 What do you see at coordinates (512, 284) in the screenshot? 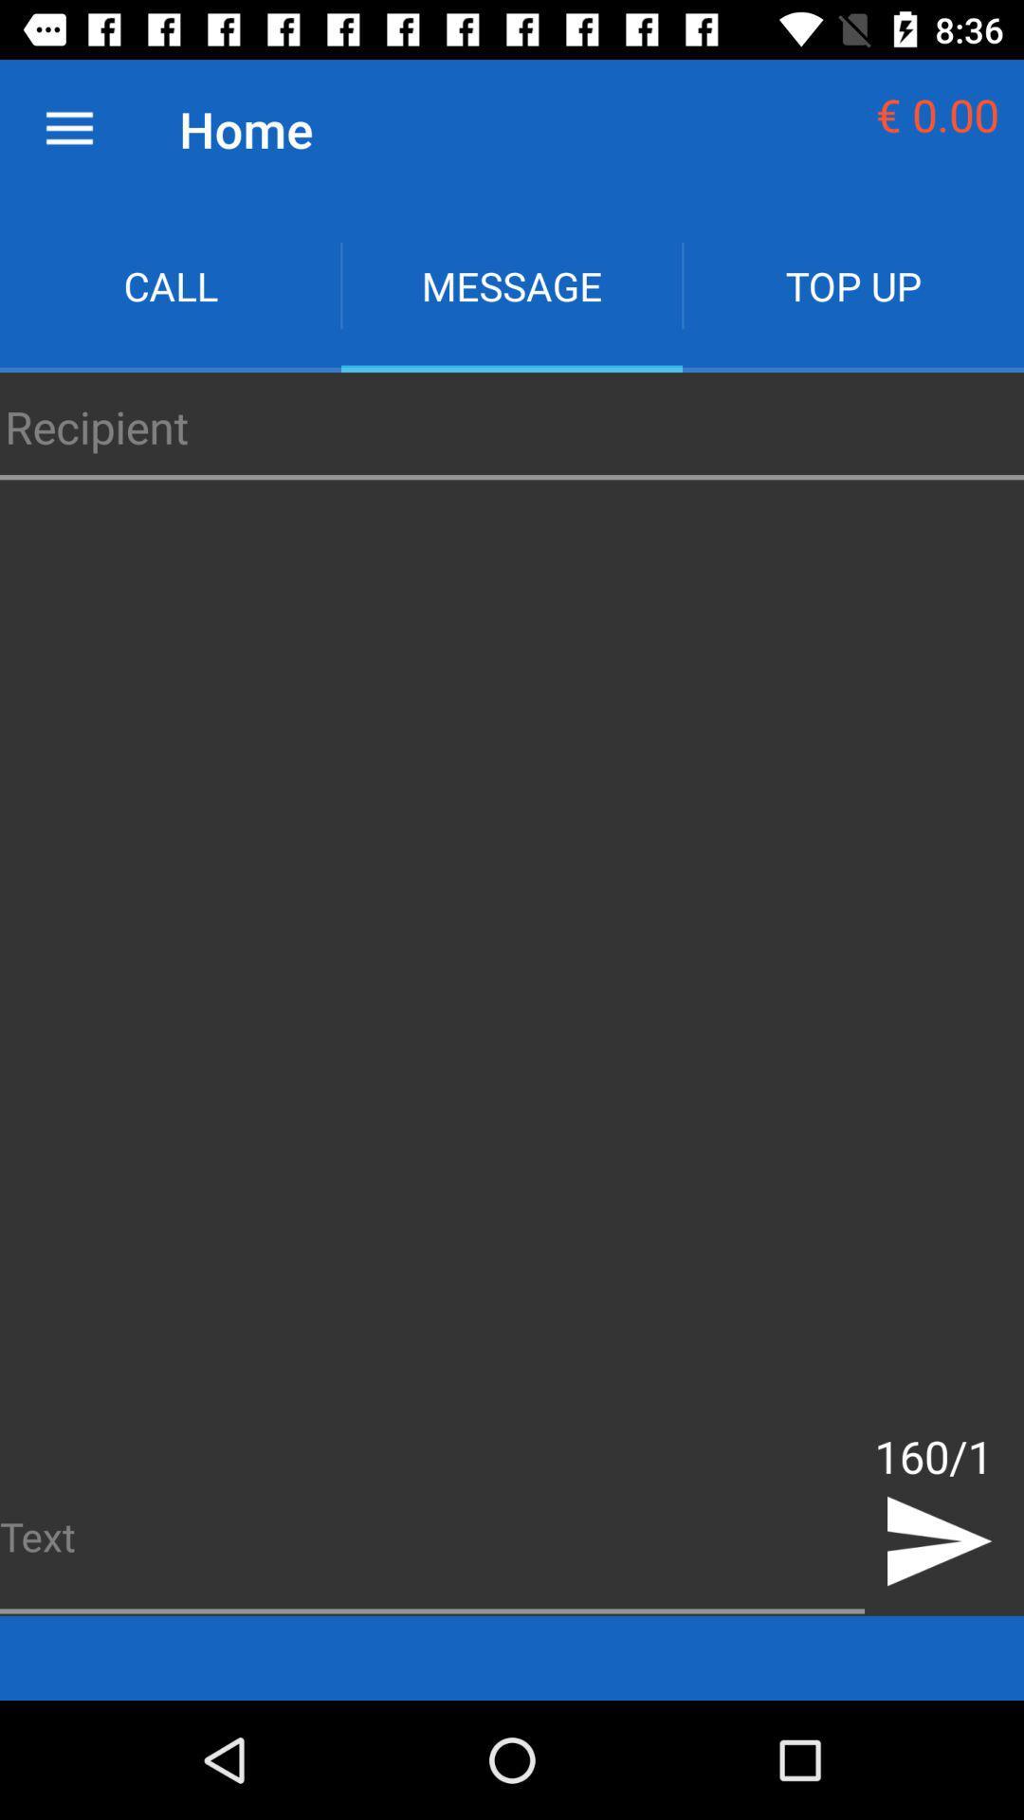
I see `app to the left of top up` at bounding box center [512, 284].